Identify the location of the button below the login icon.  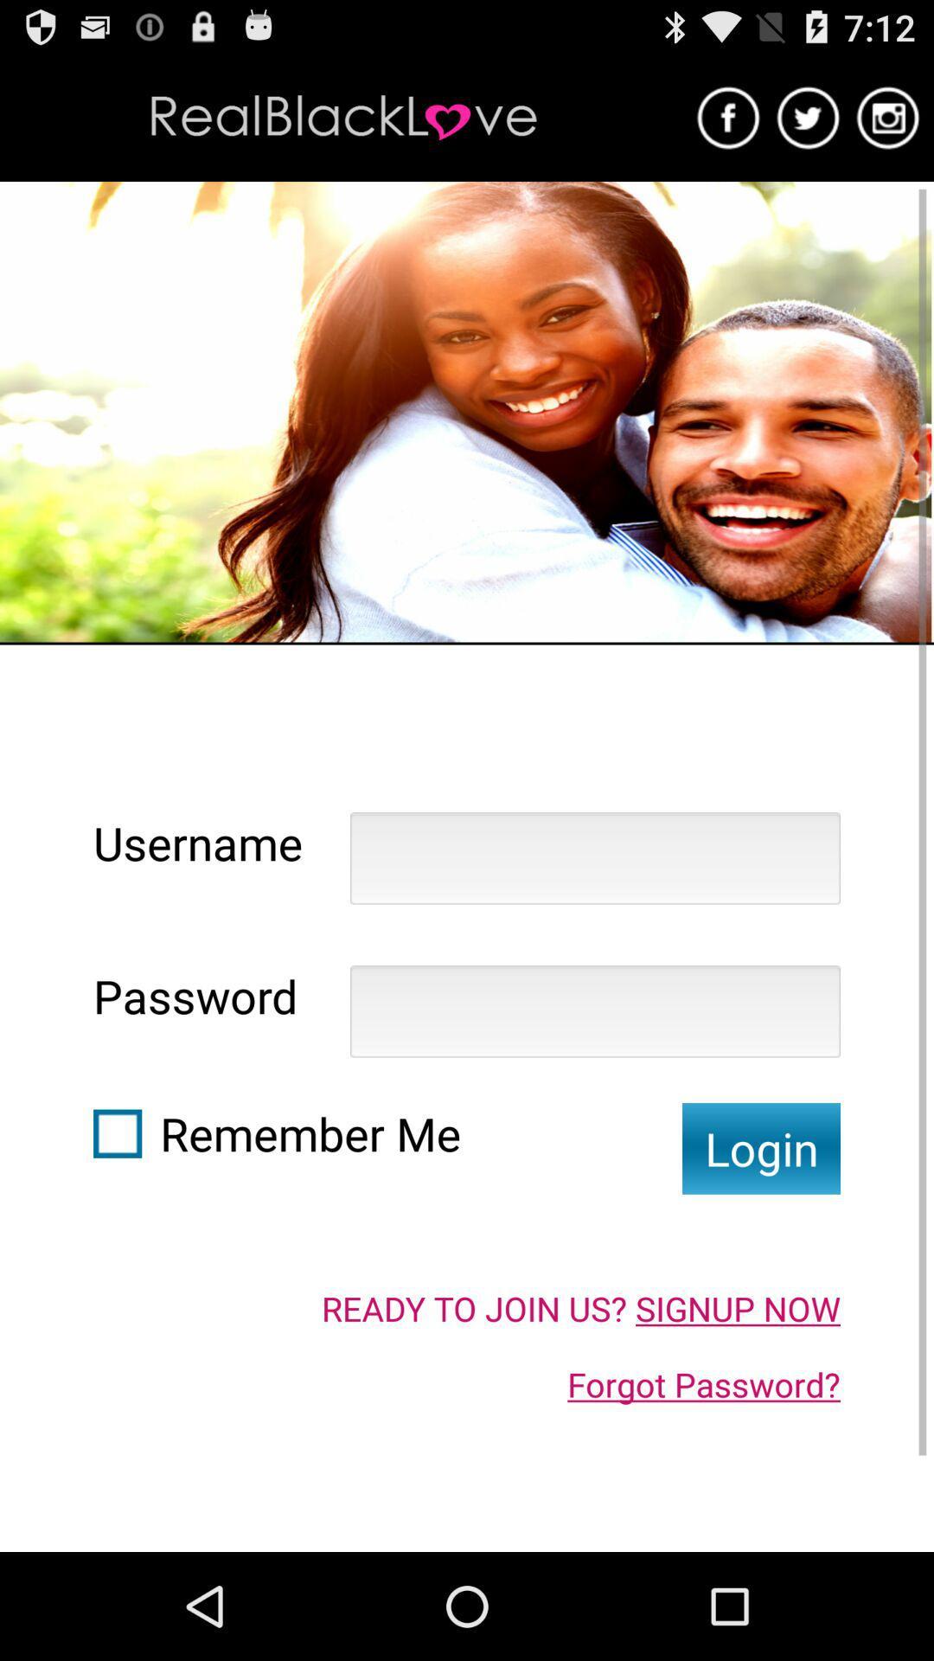
(580, 1308).